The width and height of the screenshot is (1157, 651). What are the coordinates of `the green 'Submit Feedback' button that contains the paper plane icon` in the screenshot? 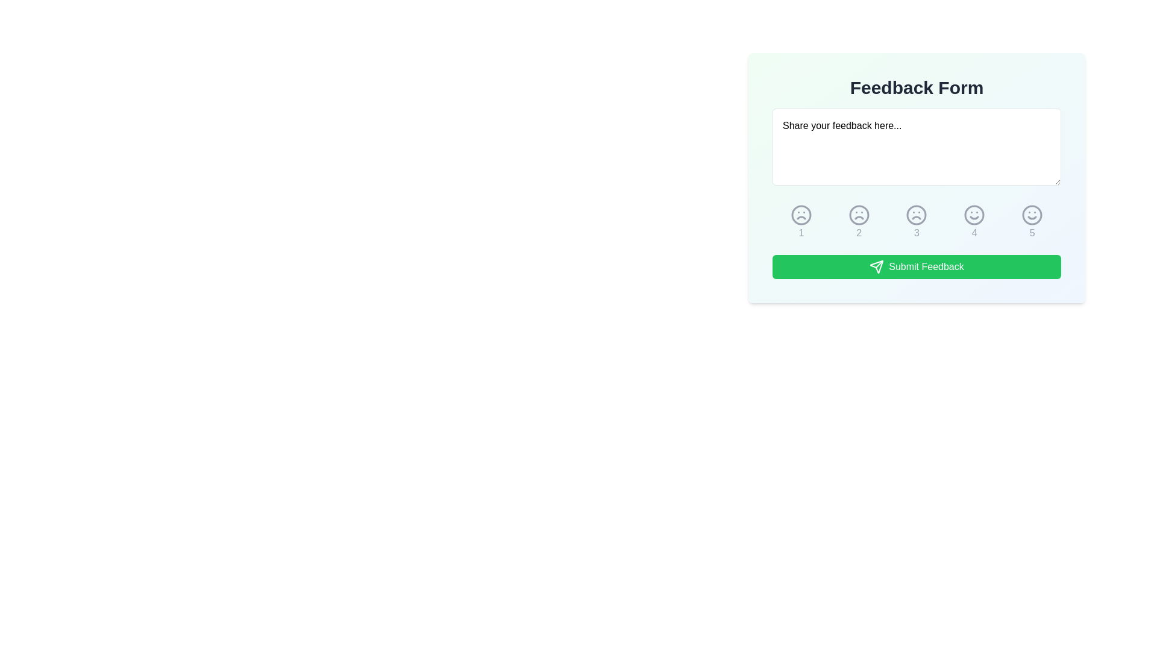 It's located at (877, 266).